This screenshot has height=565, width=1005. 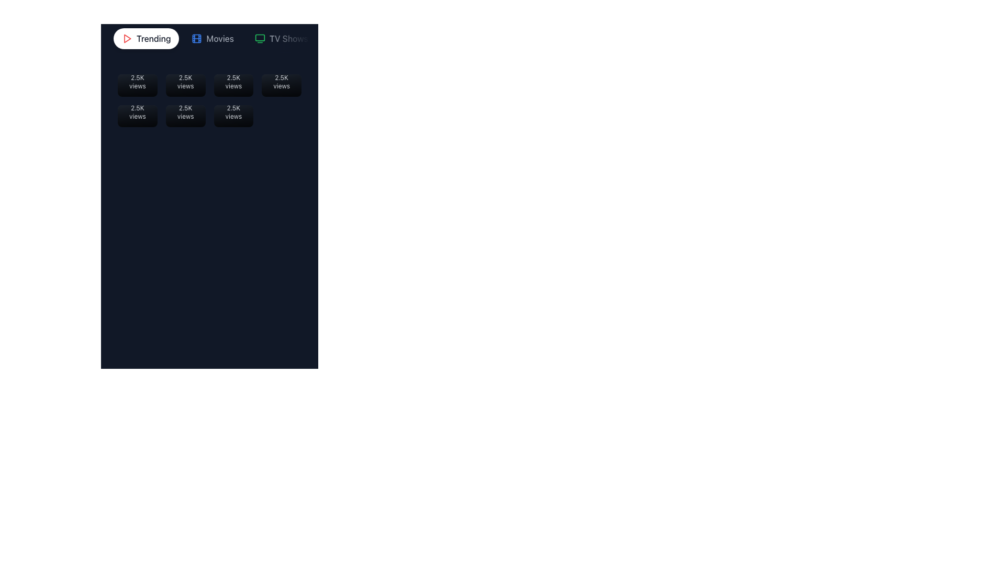 I want to click on the text label UI component displaying '2.5K views', which is located in the second row and third column of the grid layout, so click(x=233, y=116).